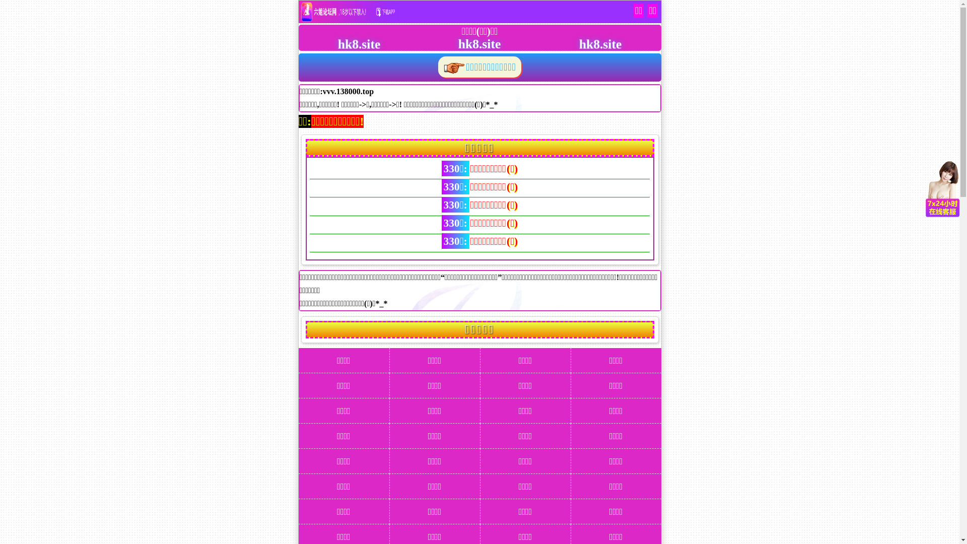 The width and height of the screenshot is (967, 544). I want to click on 'hk8.site', so click(589, 42).